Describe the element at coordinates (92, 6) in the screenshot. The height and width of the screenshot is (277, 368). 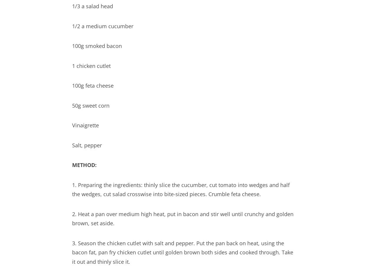
I see `'1/3 a salad head'` at that location.